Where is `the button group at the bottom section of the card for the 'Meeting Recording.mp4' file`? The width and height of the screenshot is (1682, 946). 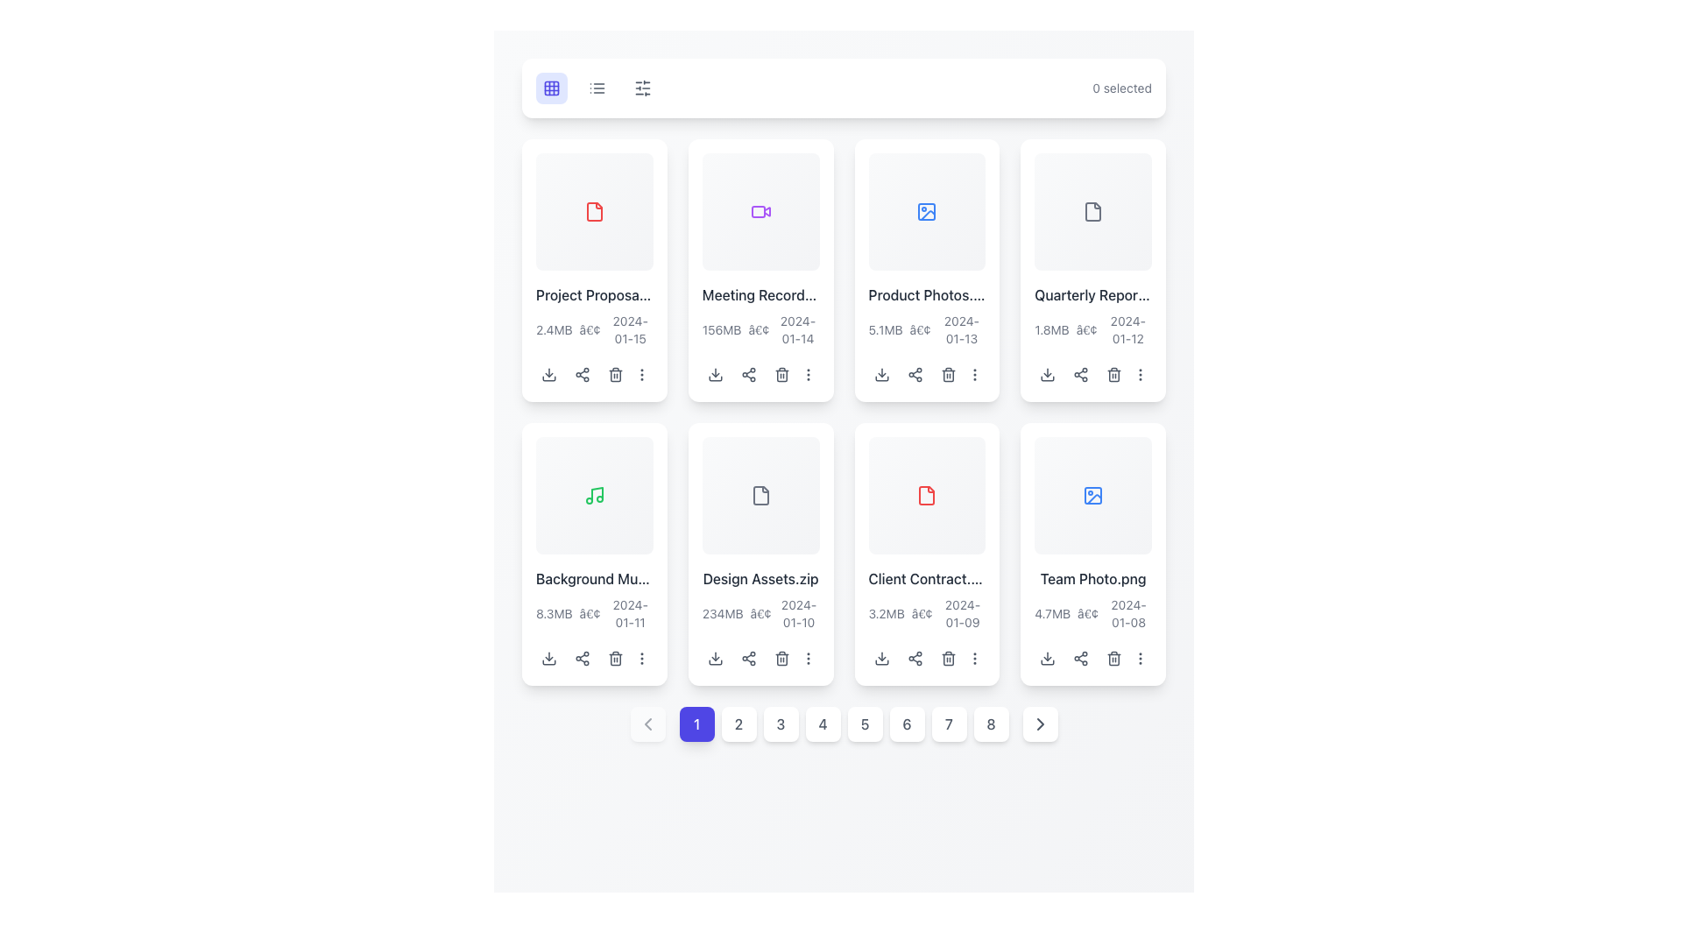 the button group at the bottom section of the card for the 'Meeting Recording.mp4' file is located at coordinates (760, 373).